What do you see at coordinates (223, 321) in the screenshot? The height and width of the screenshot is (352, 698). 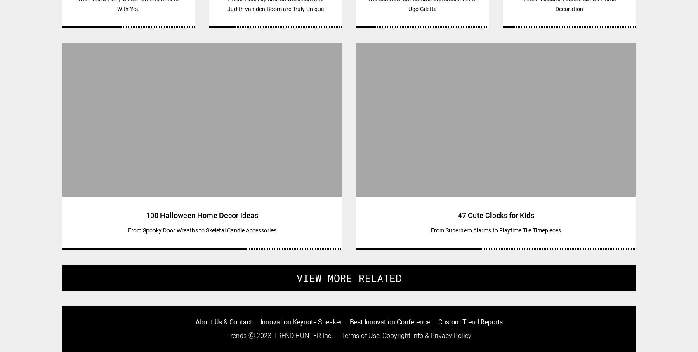 I see `'About Us & Contact'` at bounding box center [223, 321].